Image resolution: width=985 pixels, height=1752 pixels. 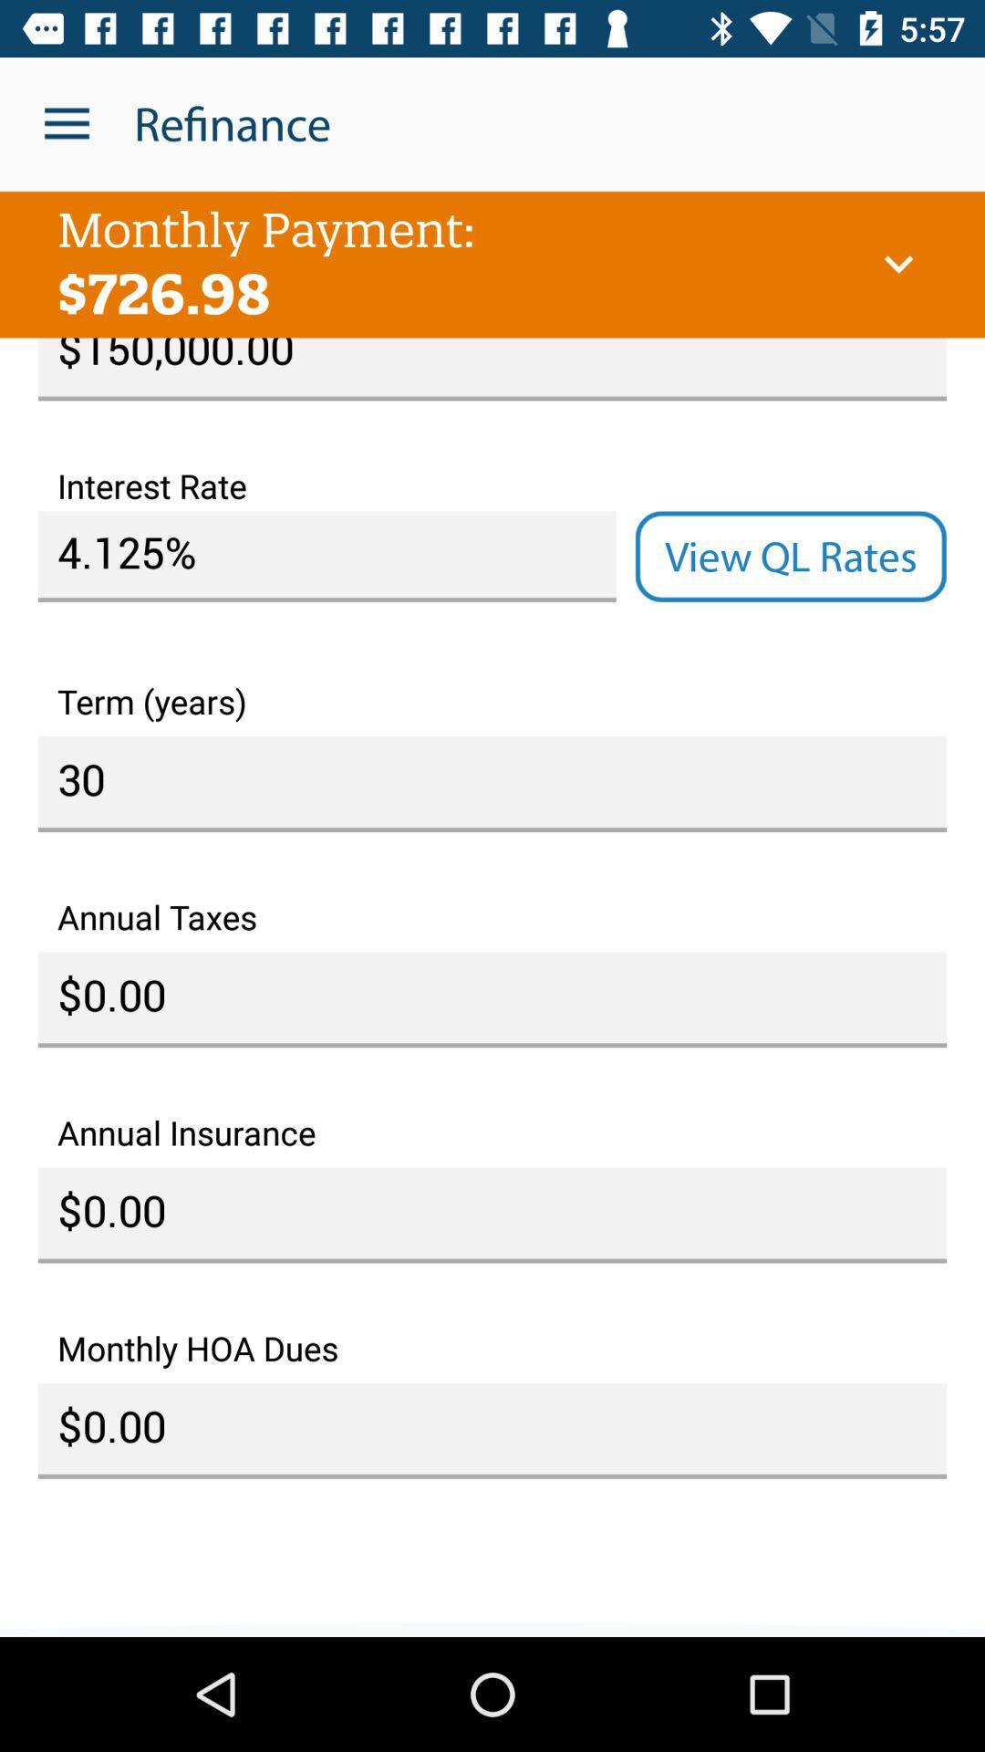 What do you see at coordinates (66, 123) in the screenshot?
I see `icon next to the refinance` at bounding box center [66, 123].